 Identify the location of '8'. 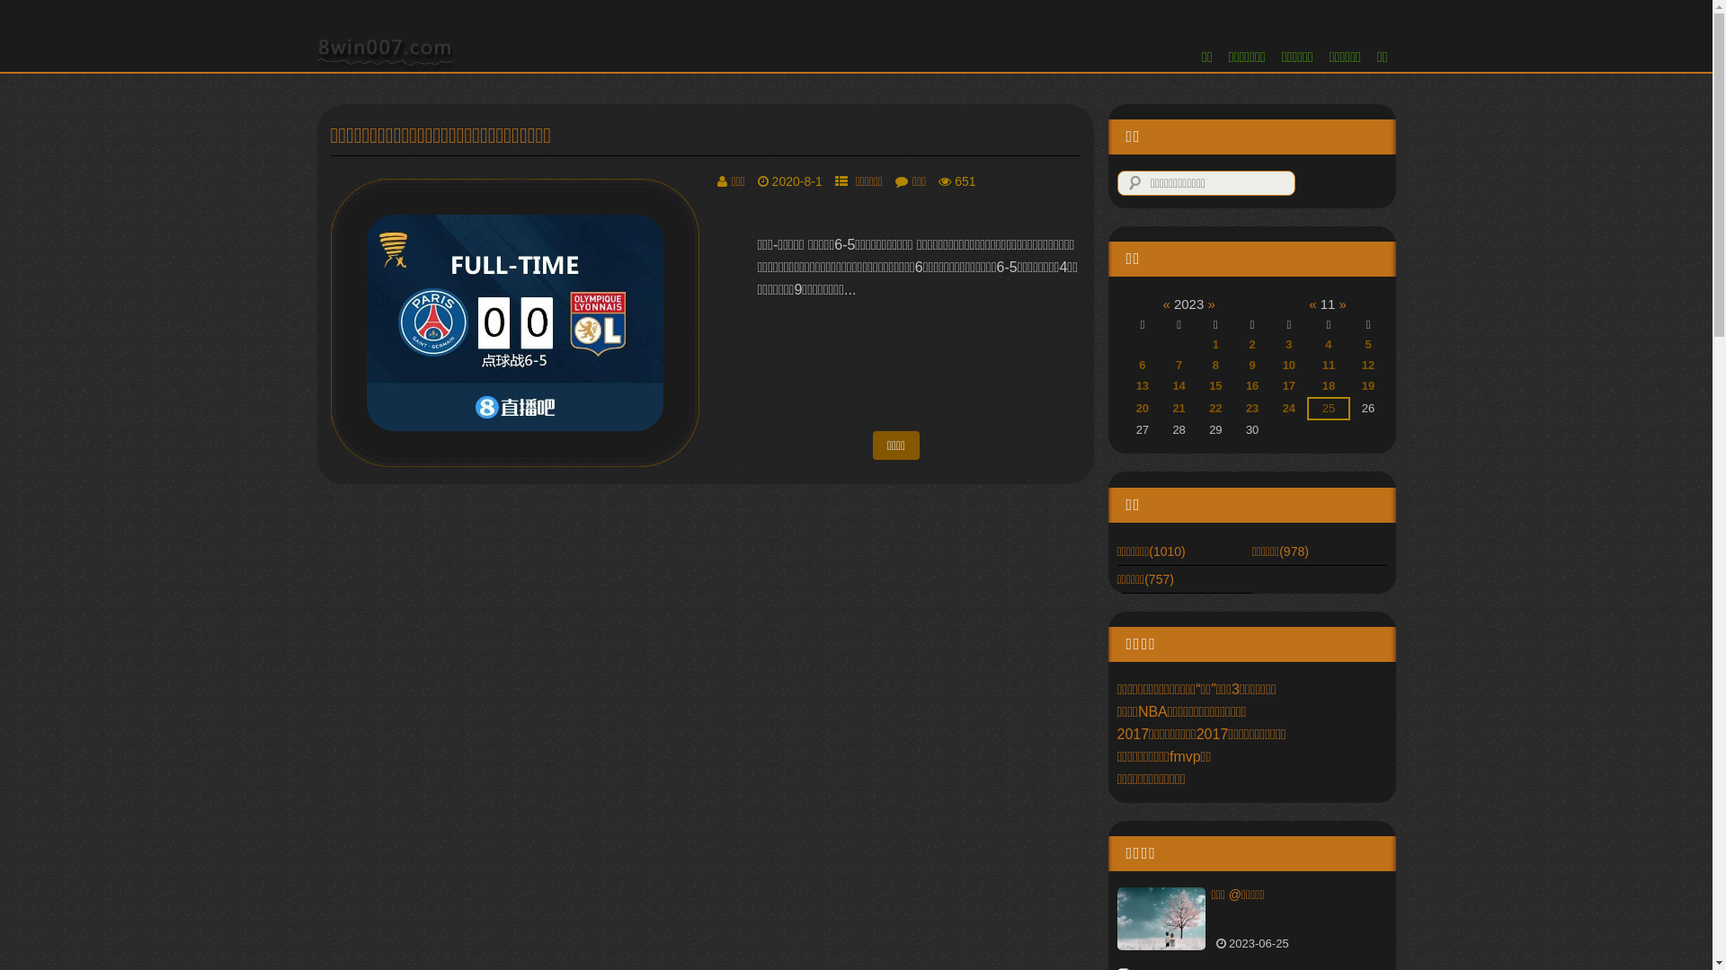
(1215, 364).